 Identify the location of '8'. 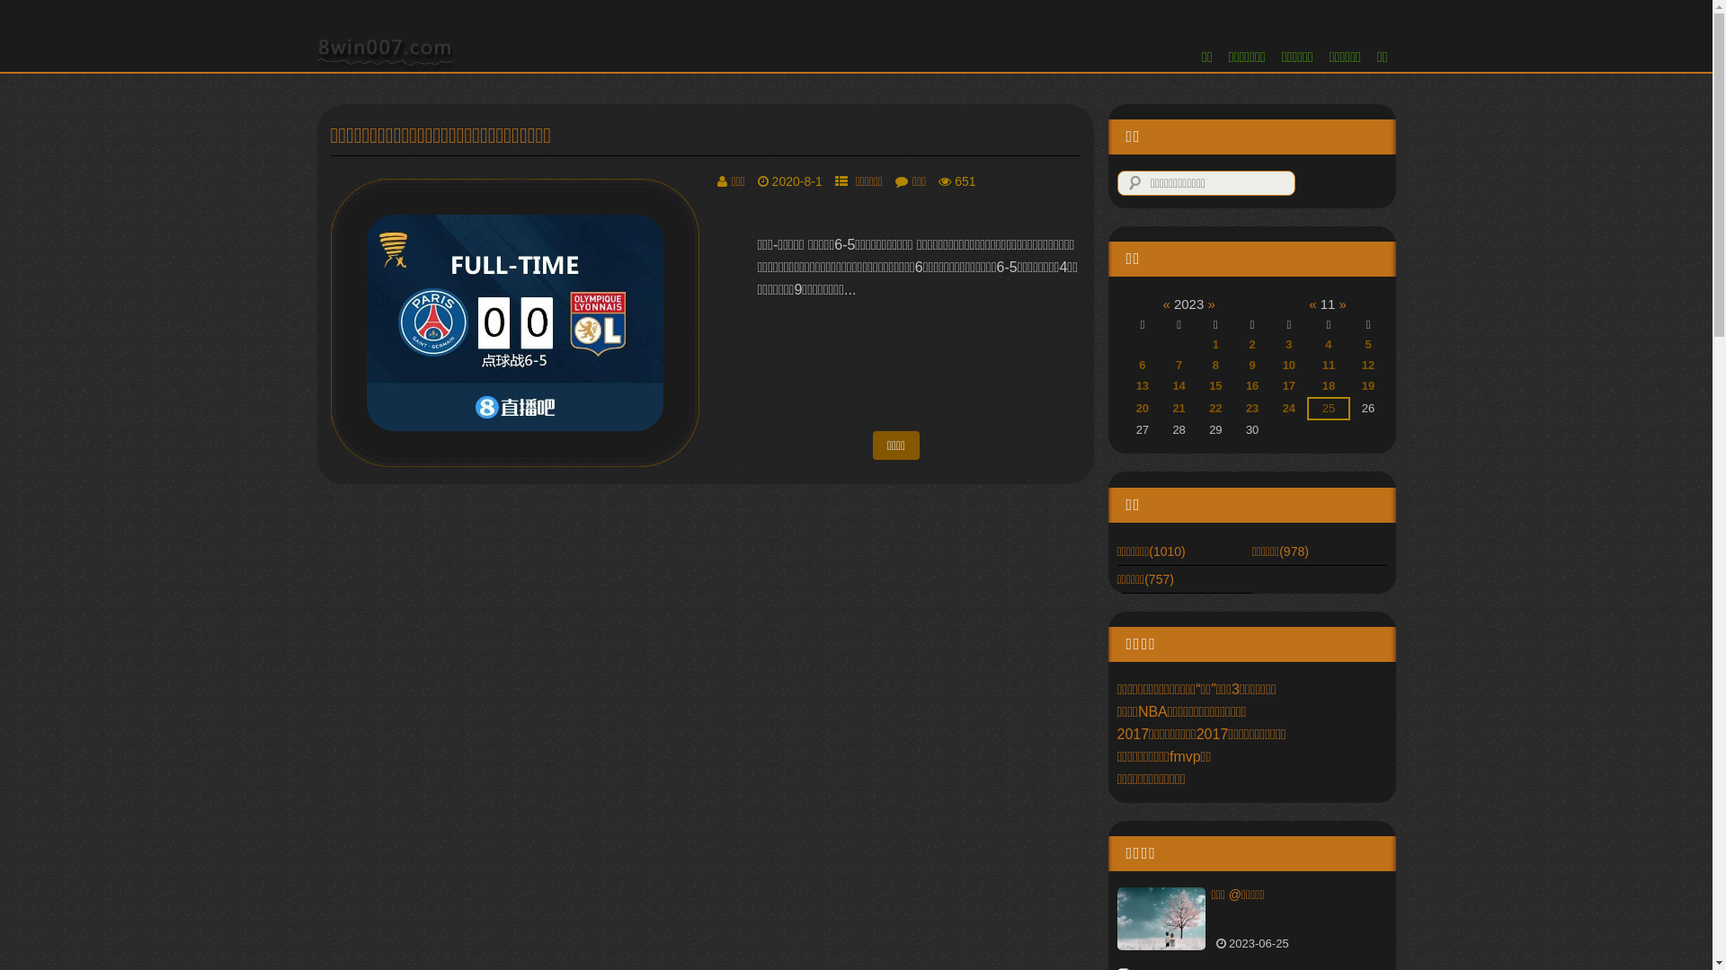
(1215, 364).